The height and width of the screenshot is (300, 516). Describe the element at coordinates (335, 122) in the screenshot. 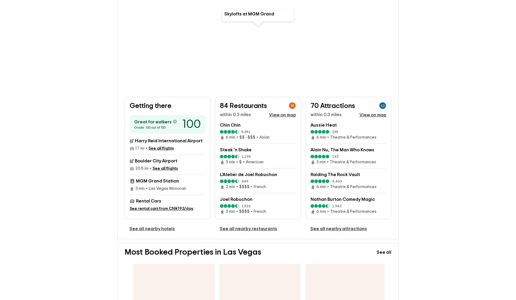

I see `'235'` at that location.